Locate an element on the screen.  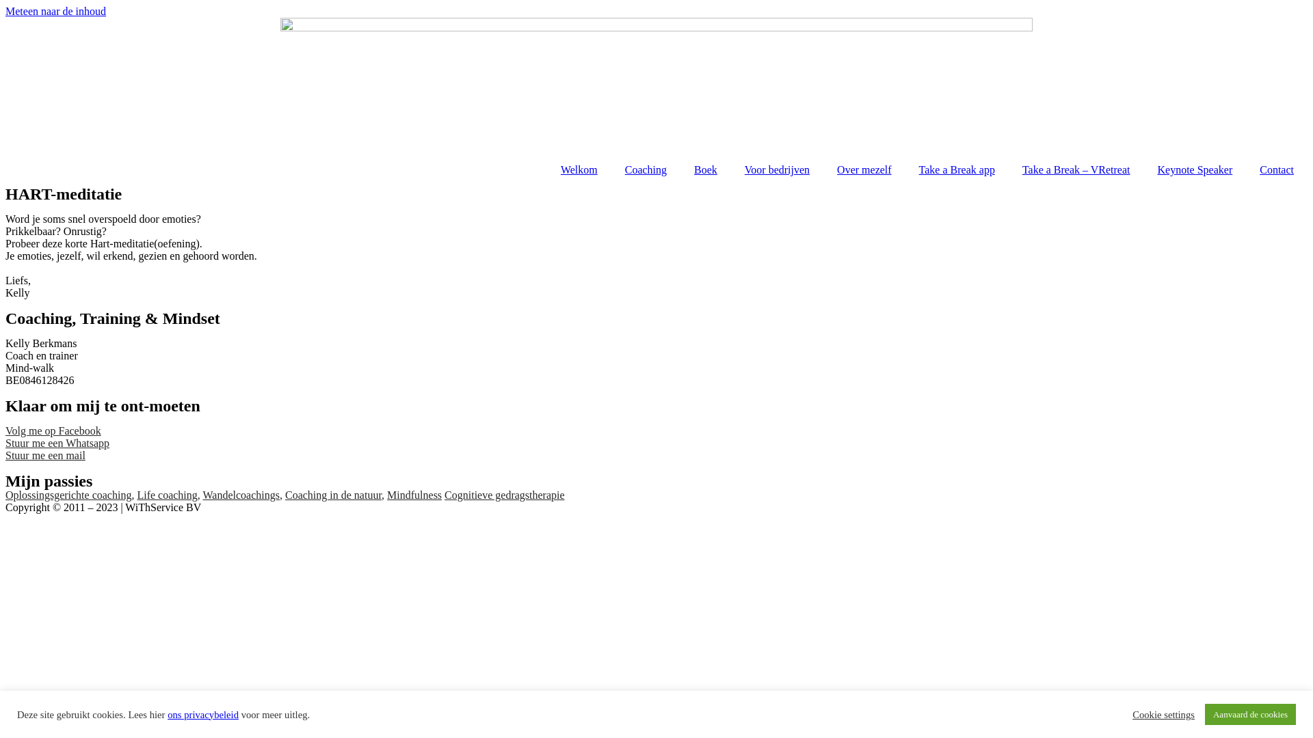
'Coaching in de natuur' is located at coordinates (333, 495).